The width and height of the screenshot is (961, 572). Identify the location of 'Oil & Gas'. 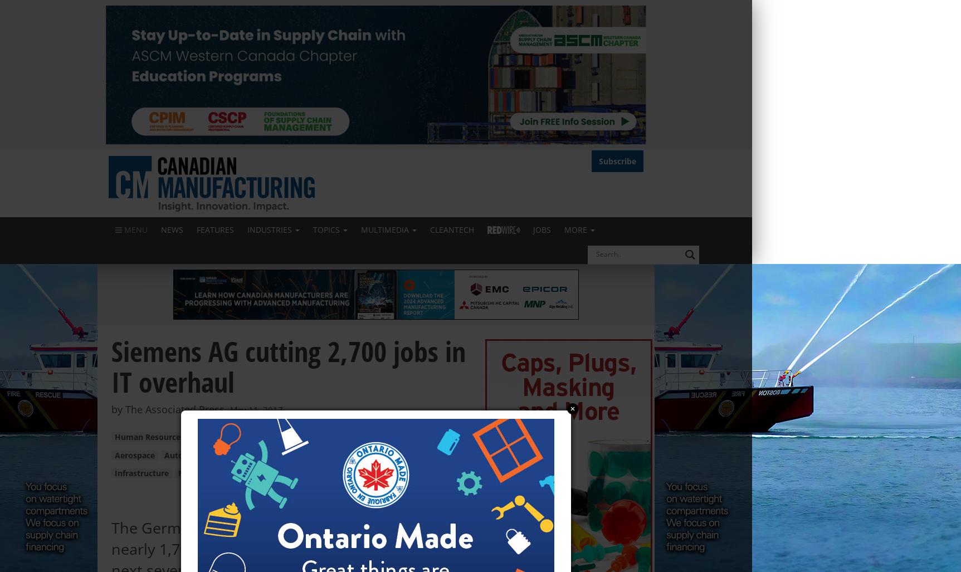
(263, 473).